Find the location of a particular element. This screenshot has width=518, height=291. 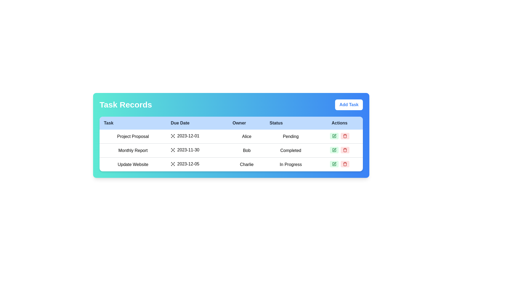

the static text label indicating ongoing task progress in the last row of the status column of the table is located at coordinates (290, 164).